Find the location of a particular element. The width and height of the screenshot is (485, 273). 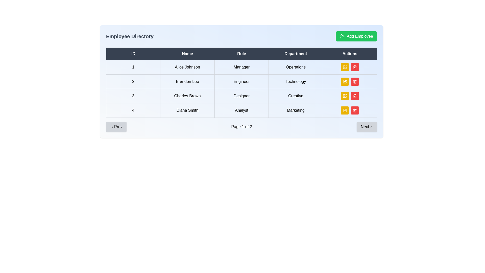

ID number displayed in the first column of the first row of the employee directory table, which identifies the entry preceding 'Alice Johnson' is located at coordinates (133, 67).